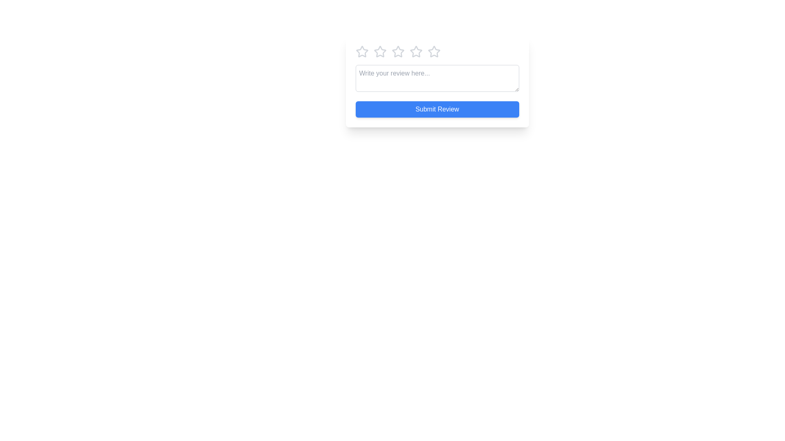 The height and width of the screenshot is (441, 785). Describe the element at coordinates (433, 51) in the screenshot. I see `the fourth star icon in the rating system` at that location.